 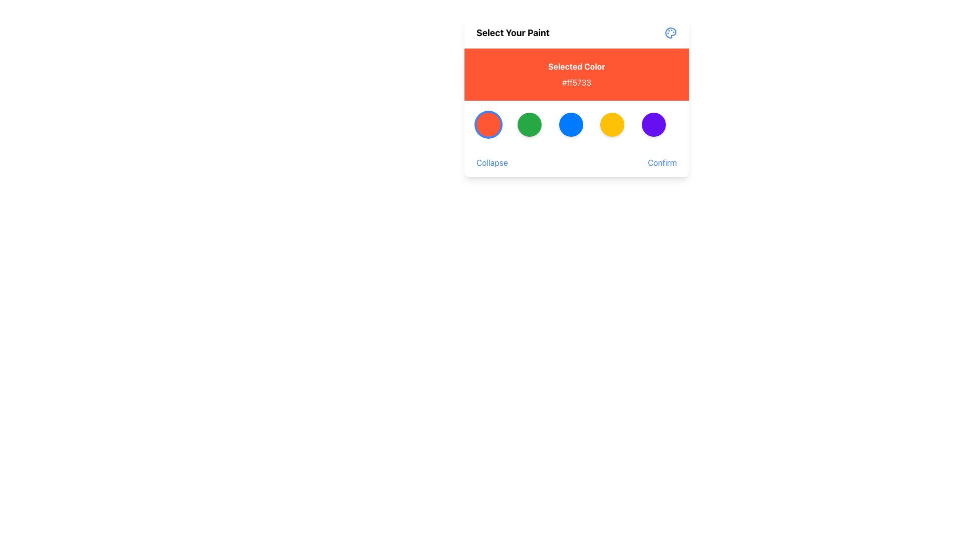 What do you see at coordinates (577, 74) in the screenshot?
I see `the Informative panel with a bright orange-red background that displays 'Selected Color' and '#ff5733' text, located centrally below the header 'Select Your Paint'` at bounding box center [577, 74].